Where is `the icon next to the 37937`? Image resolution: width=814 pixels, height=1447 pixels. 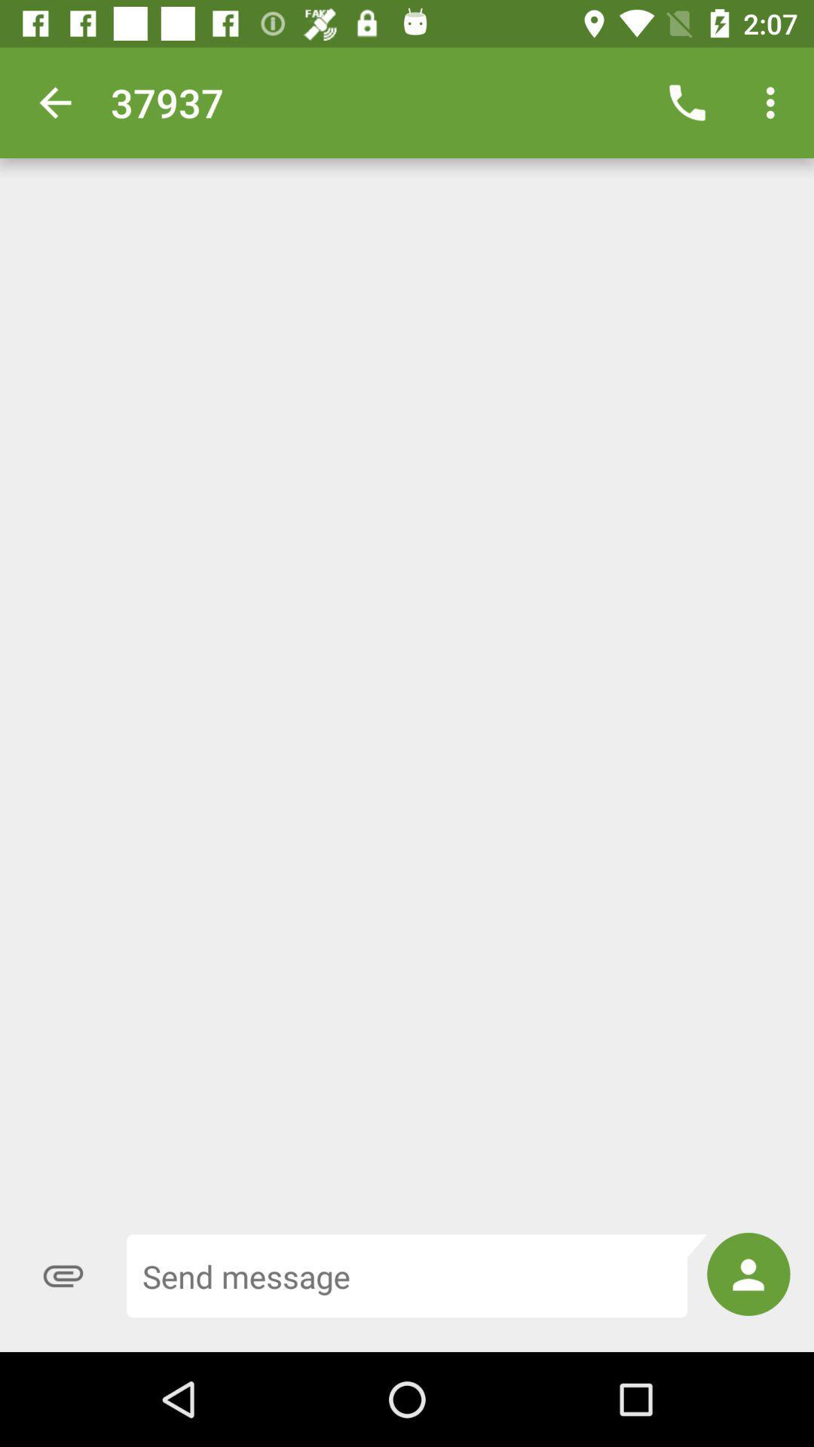
the icon next to the 37937 is located at coordinates (54, 102).